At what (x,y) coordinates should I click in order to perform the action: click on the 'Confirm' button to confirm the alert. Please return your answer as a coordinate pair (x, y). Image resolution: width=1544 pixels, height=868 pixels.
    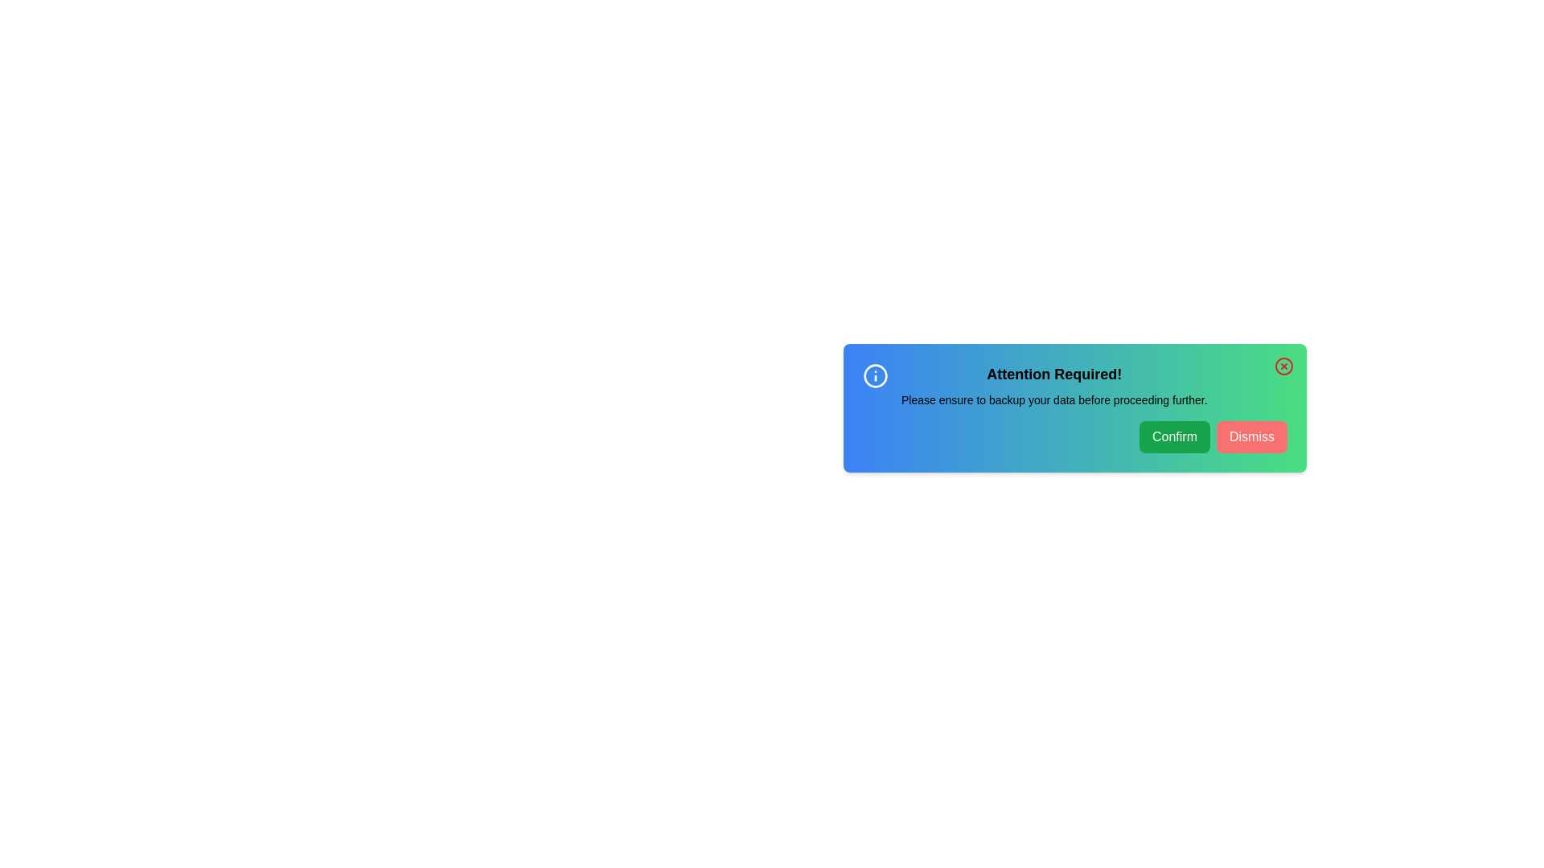
    Looking at the image, I should click on (1174, 436).